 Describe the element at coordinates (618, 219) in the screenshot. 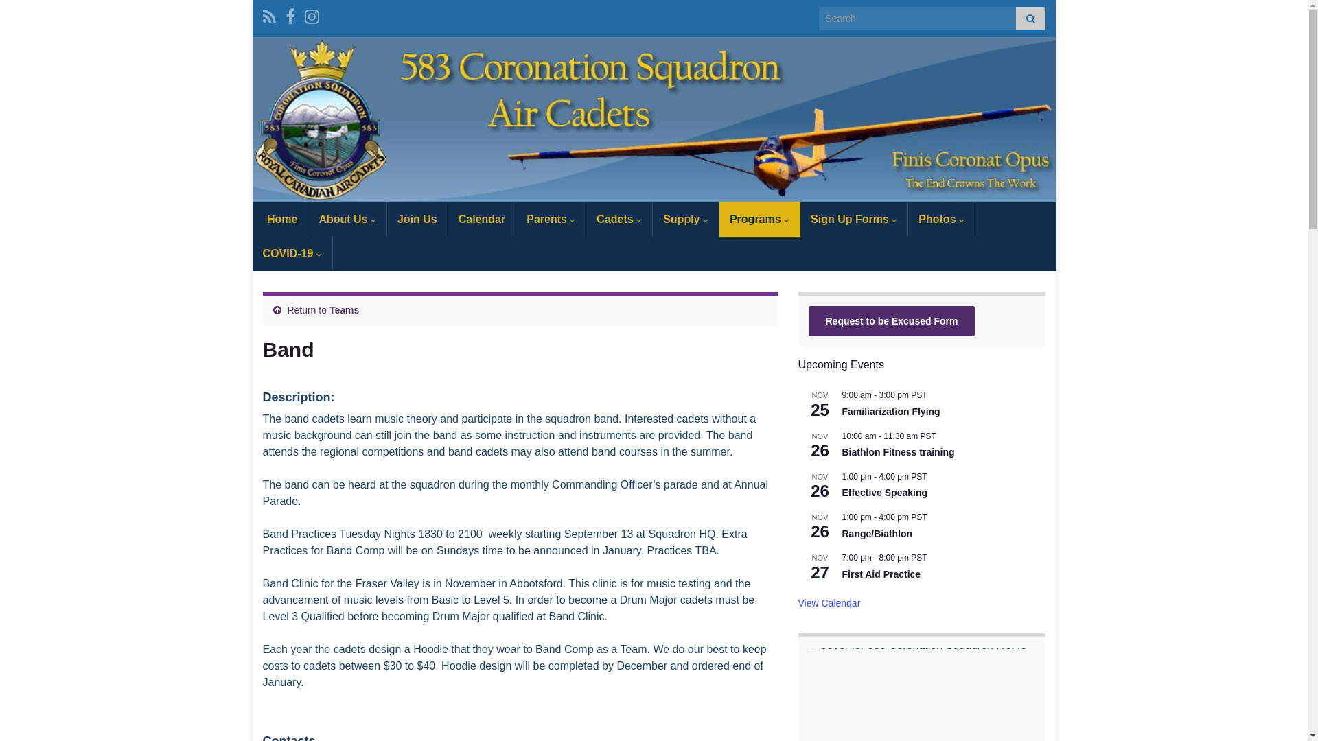

I see `'Cadets'` at that location.